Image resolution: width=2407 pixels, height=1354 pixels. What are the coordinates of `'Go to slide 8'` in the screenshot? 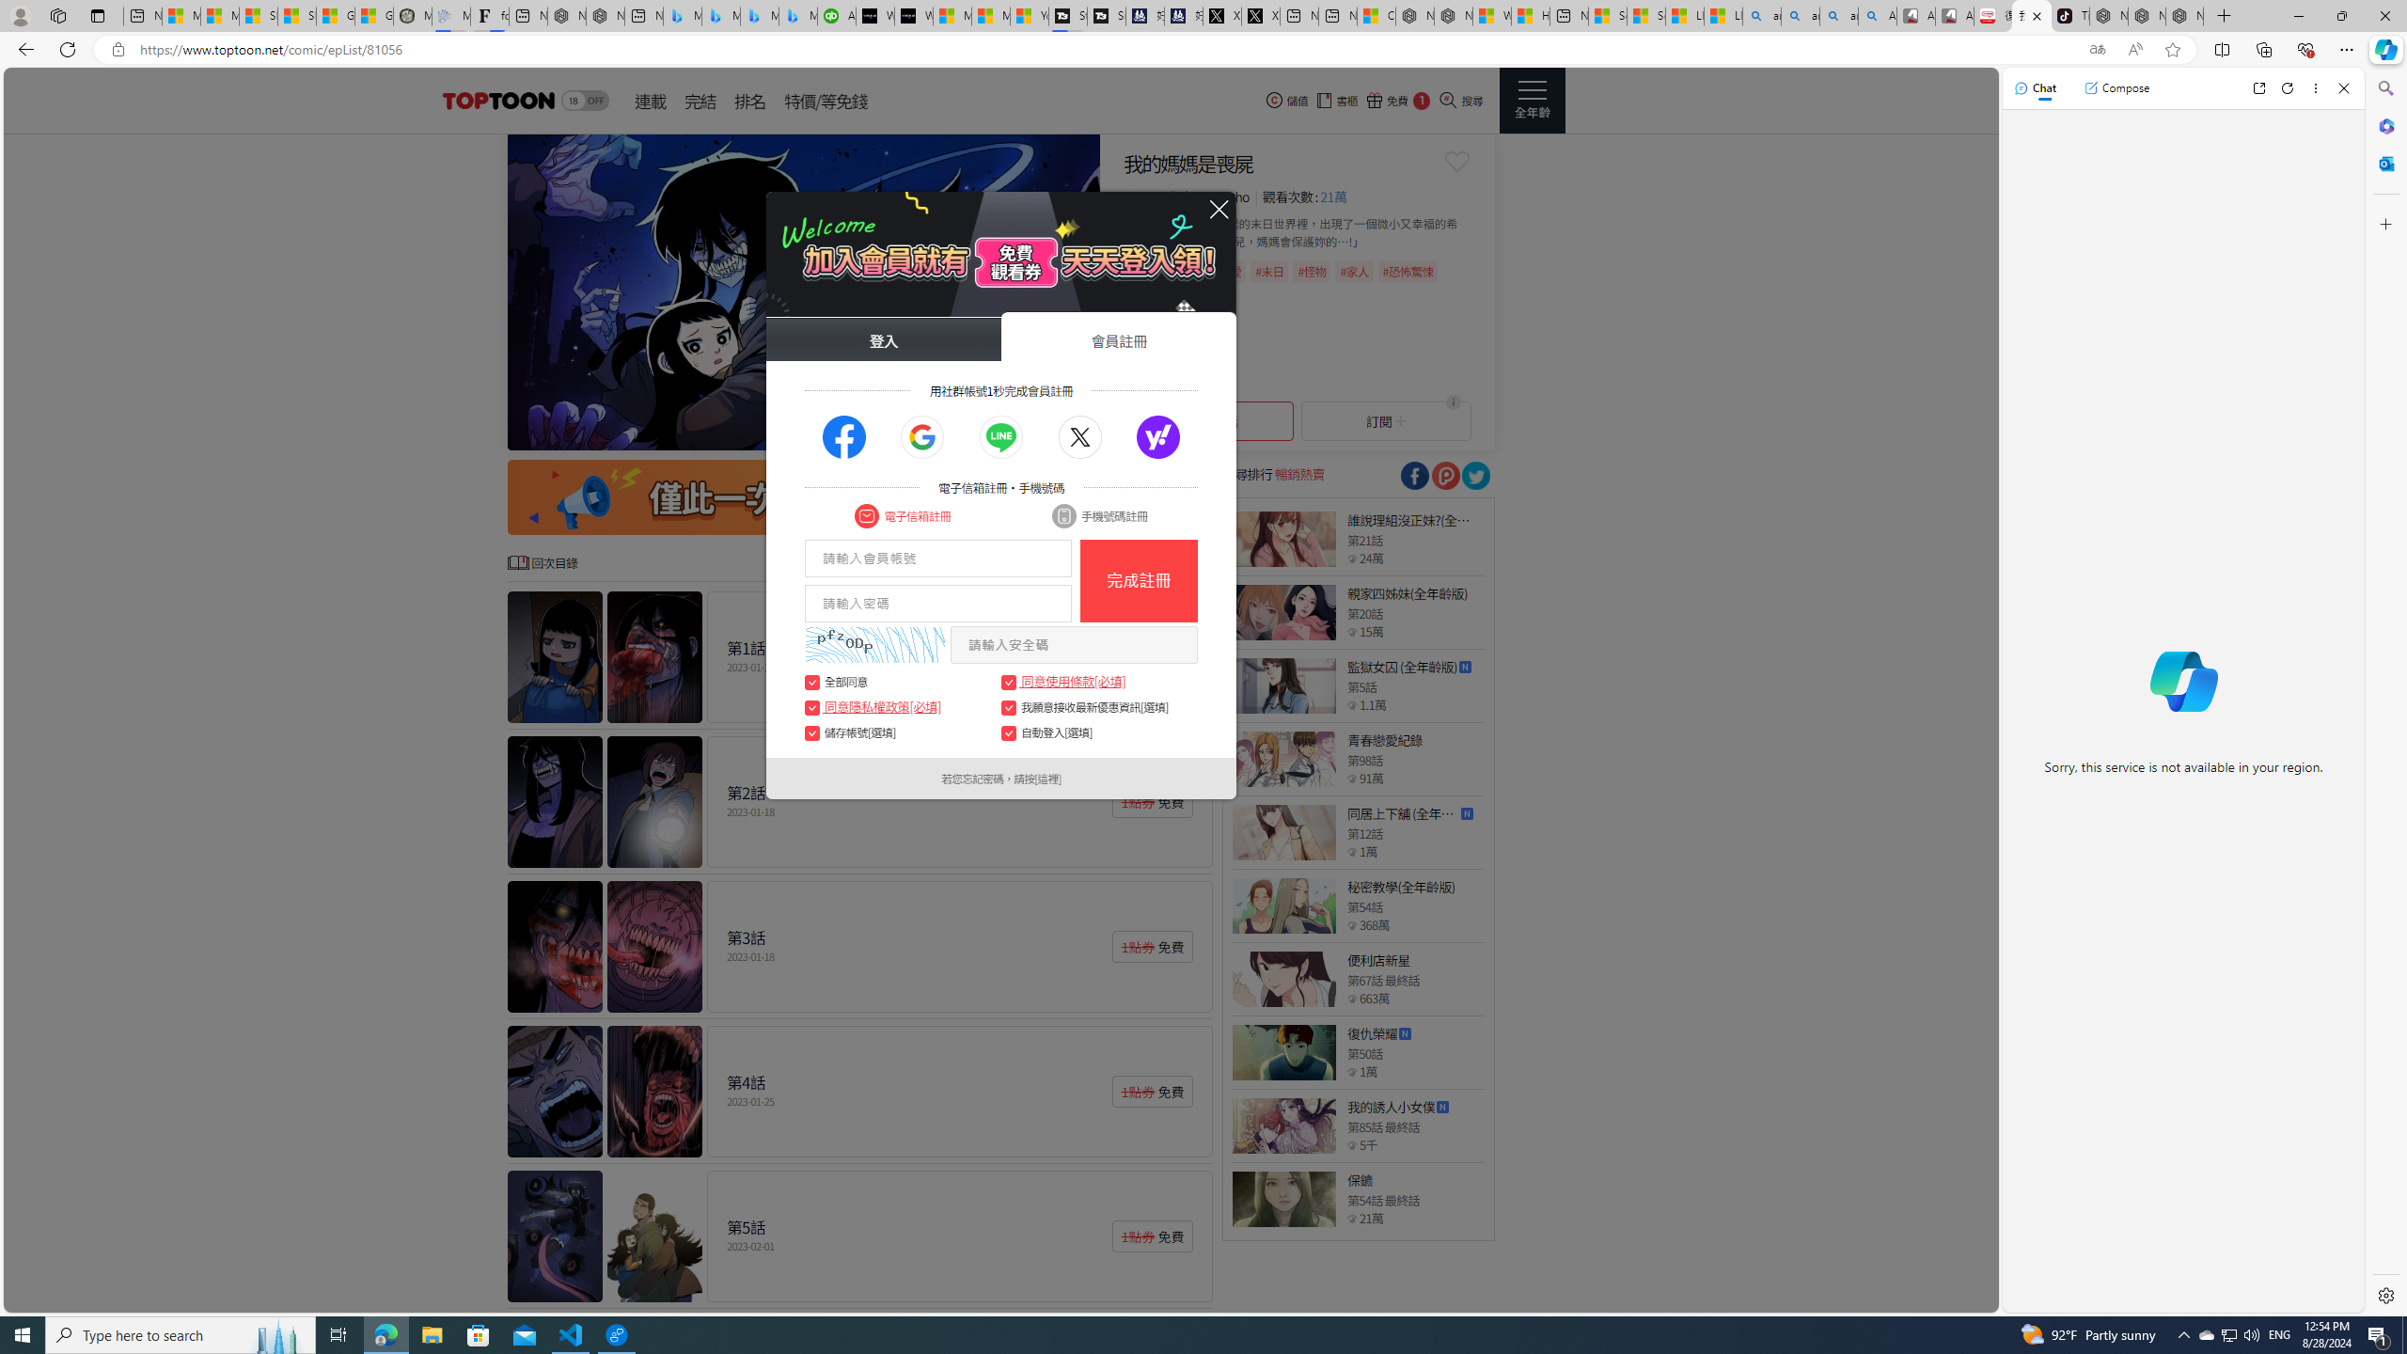 It's located at (1046, 432).